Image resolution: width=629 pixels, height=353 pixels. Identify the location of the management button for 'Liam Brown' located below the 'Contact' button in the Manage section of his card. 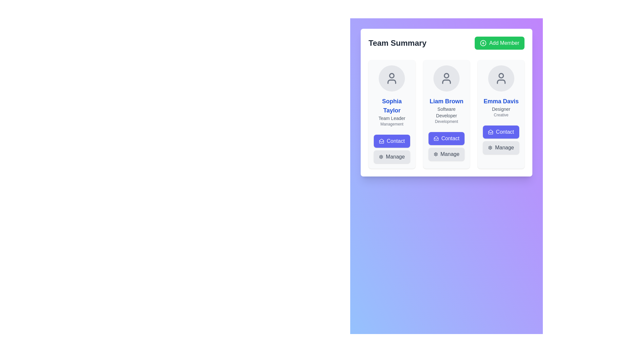
(446, 154).